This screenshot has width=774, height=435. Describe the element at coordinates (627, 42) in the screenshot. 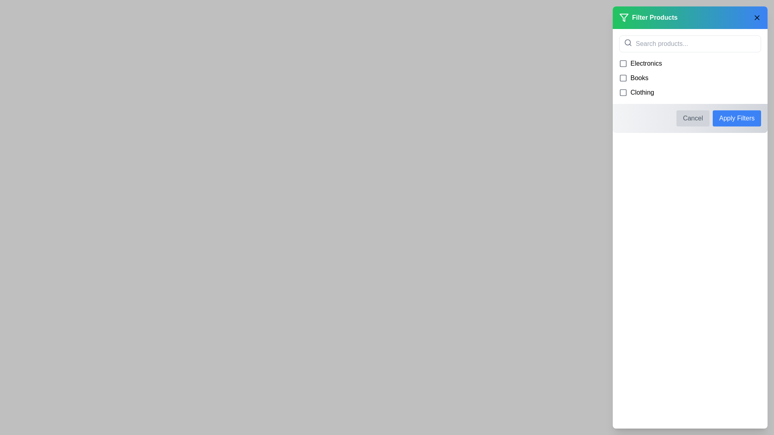

I see `the circular component of the magnifying glass icon, which indicates the search functionality in the top-left corner of the filter panel` at that location.